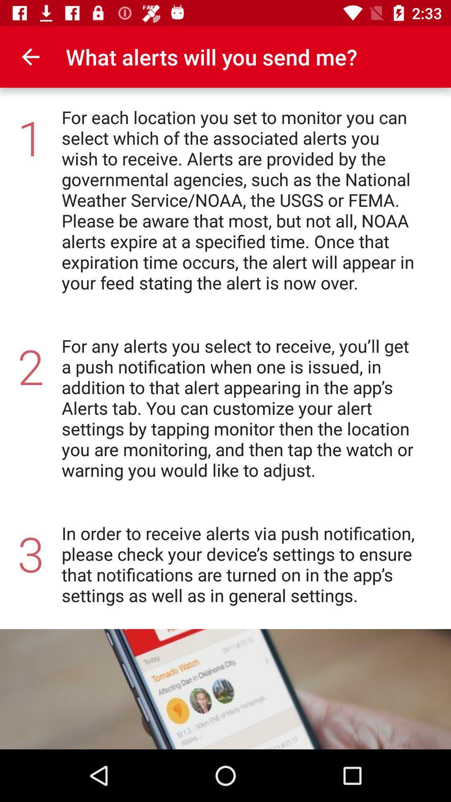  What do you see at coordinates (30, 56) in the screenshot?
I see `icon next to the what alerts will icon` at bounding box center [30, 56].